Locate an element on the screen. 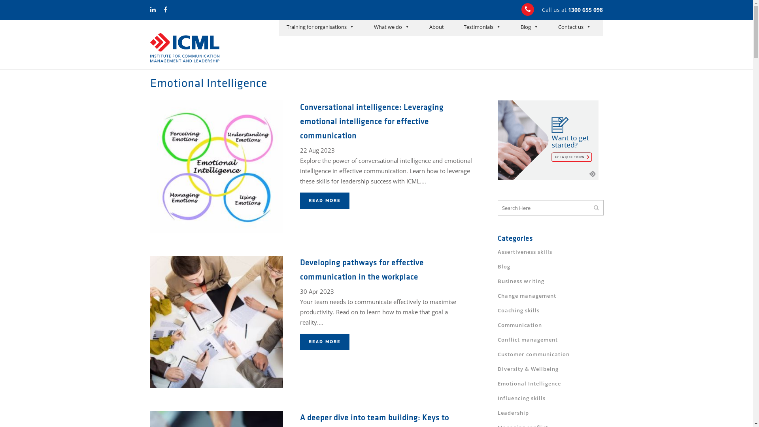 The image size is (759, 427). 'Customer communication' is located at coordinates (497, 353).